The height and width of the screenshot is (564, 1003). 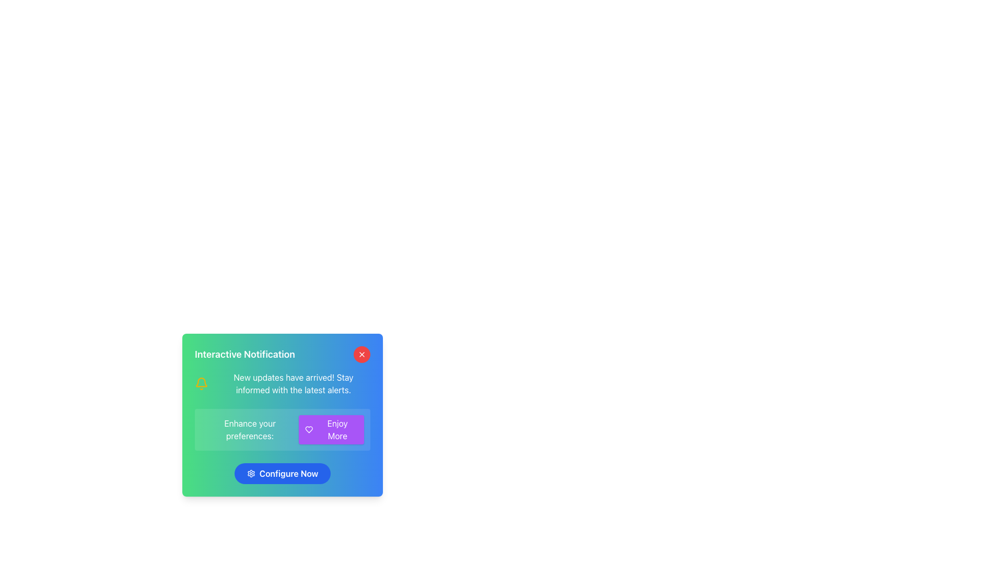 What do you see at coordinates (251, 473) in the screenshot?
I see `the settings cogwheel icon located at the bottom-right corner of the notification card` at bounding box center [251, 473].